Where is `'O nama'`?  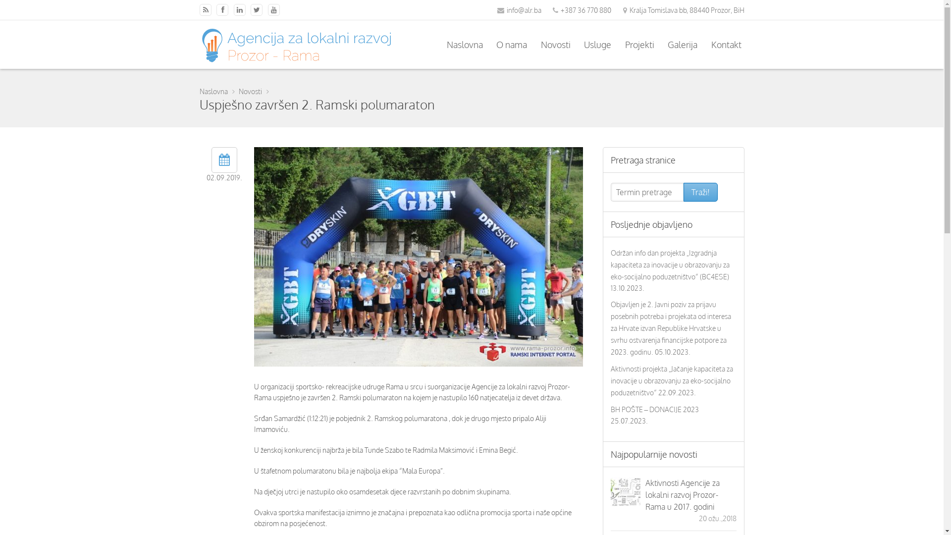 'O nama' is located at coordinates (511, 44).